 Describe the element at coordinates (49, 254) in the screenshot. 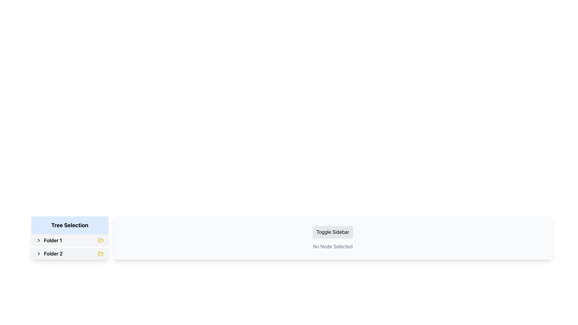

I see `the text label displaying 'Folder 2'` at that location.